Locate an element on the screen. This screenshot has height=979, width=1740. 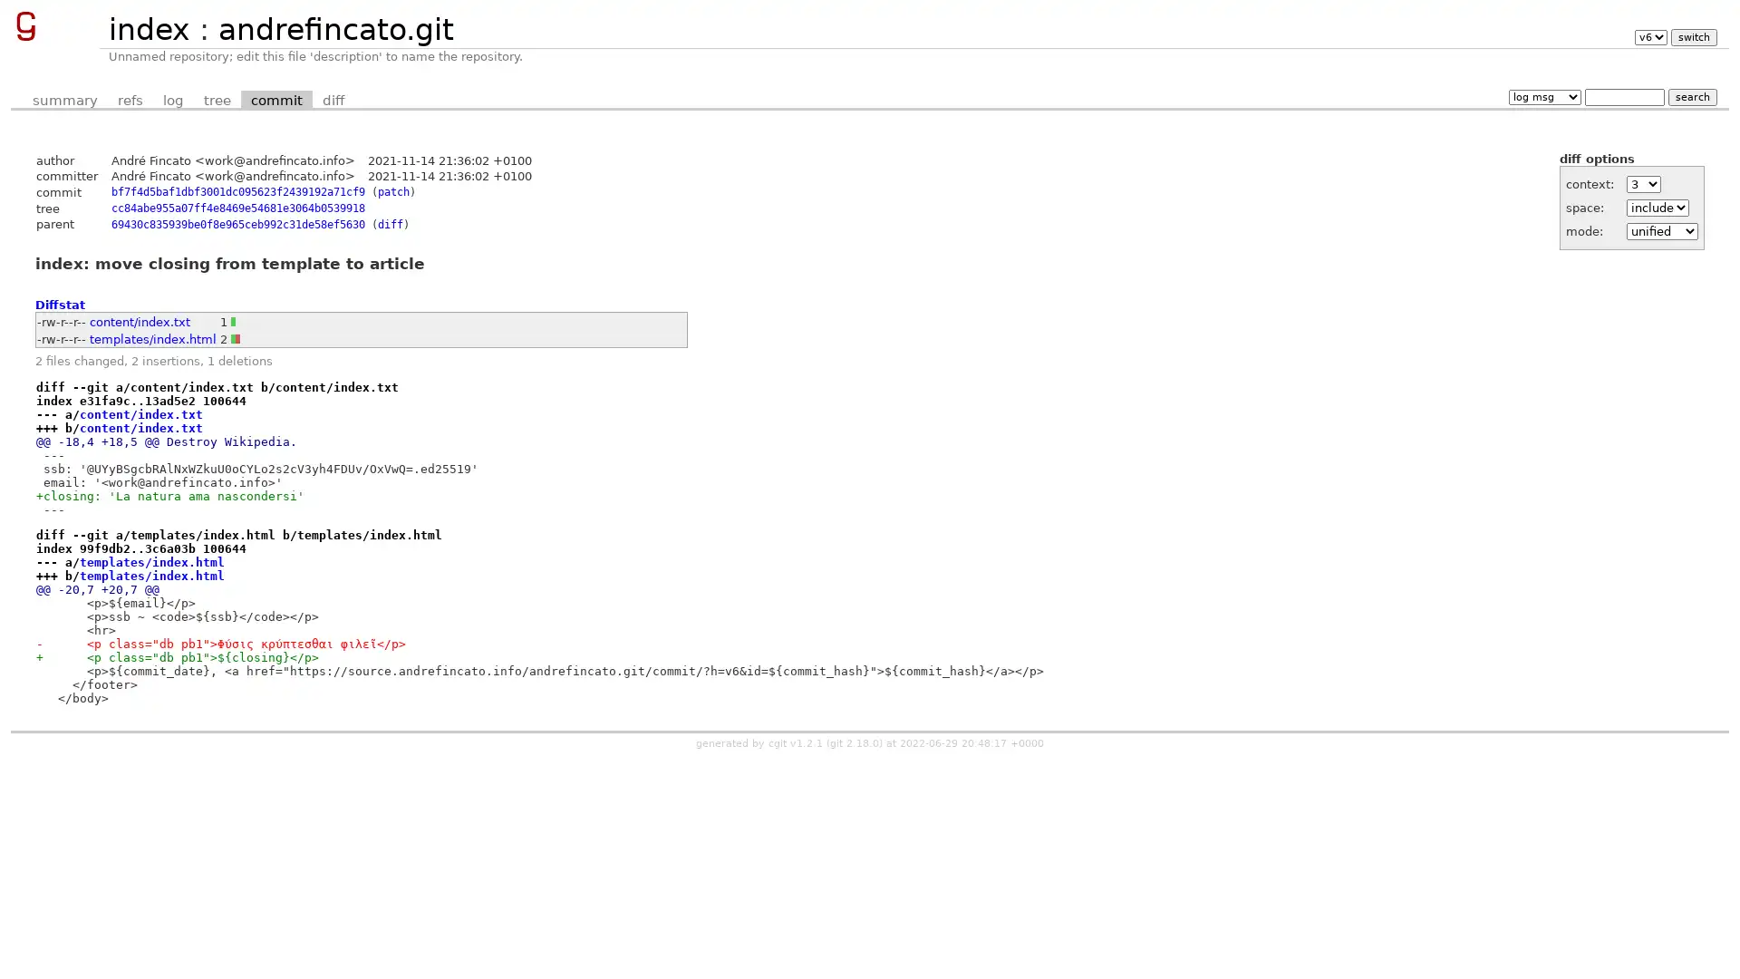
search is located at coordinates (1691, 96).